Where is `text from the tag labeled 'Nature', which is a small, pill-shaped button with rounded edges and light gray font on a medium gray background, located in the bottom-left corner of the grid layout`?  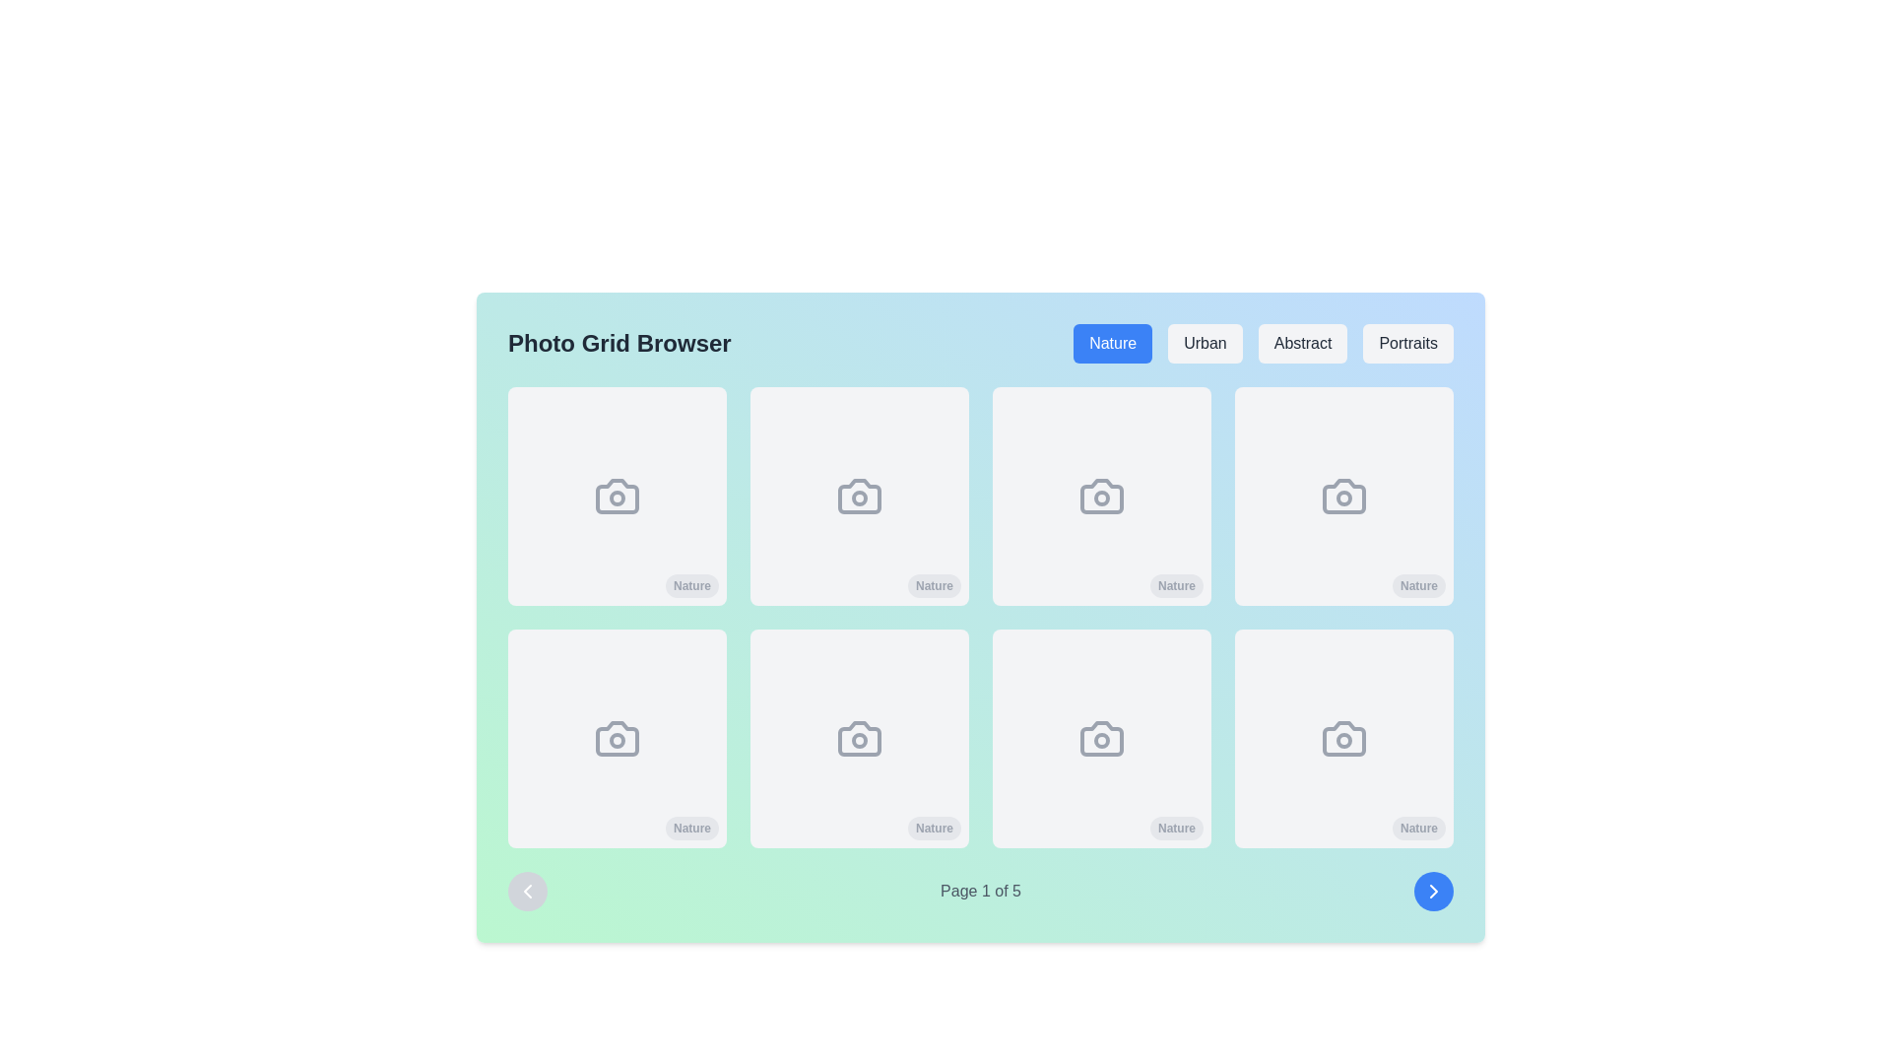
text from the tag labeled 'Nature', which is a small, pill-shaped button with rounded edges and light gray font on a medium gray background, located in the bottom-left corner of the grid layout is located at coordinates (691, 828).